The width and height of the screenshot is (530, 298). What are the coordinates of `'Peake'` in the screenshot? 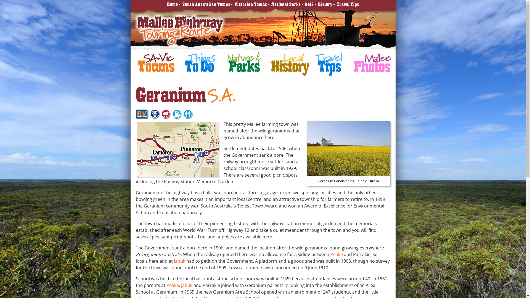 It's located at (172, 285).